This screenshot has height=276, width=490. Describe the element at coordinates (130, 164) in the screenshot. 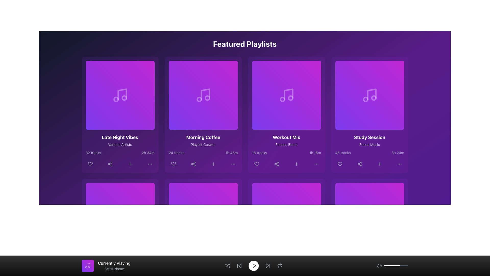

I see `the Icon button with the '+' symbol located in the bottom section of the 'Late Night Vibes' playlist card, which is the third button from the left` at that location.